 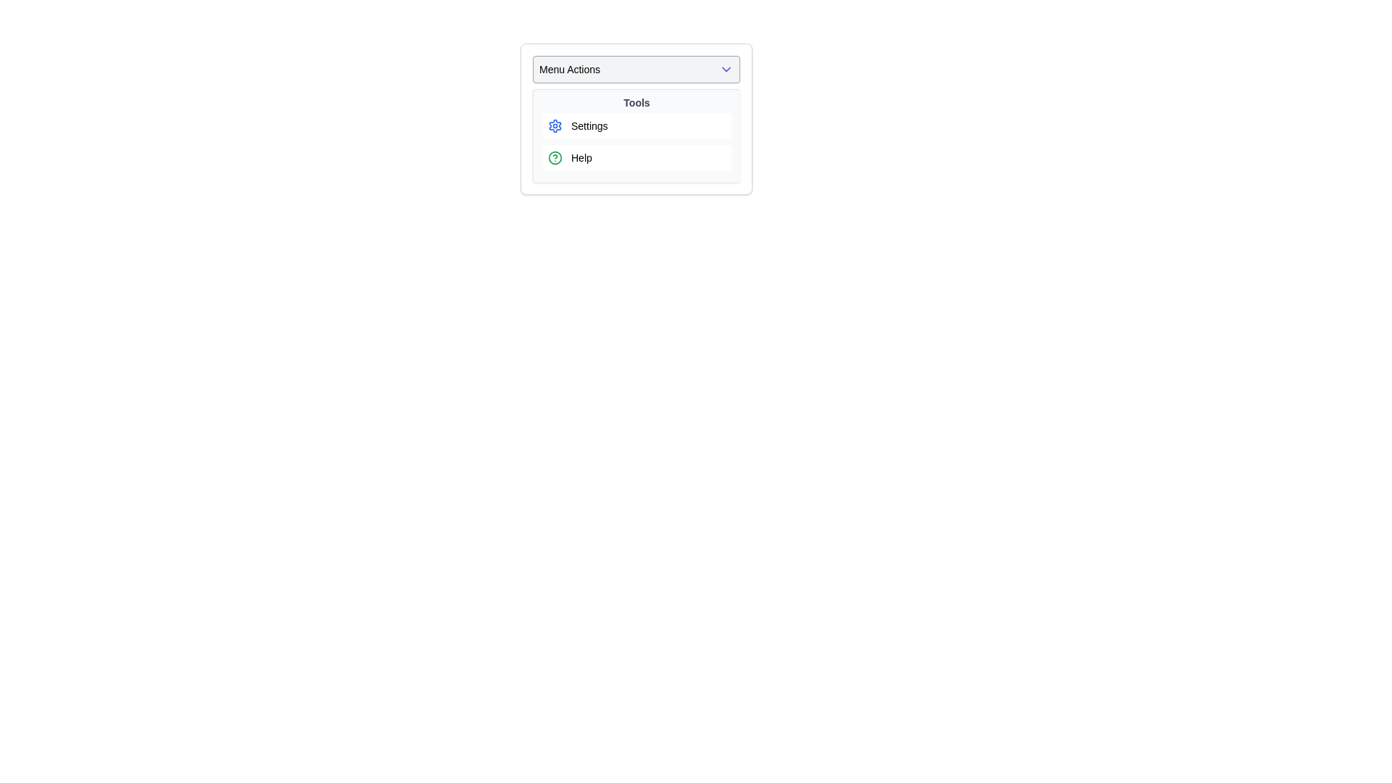 I want to click on the non-interactive text label at the top of the 'Menu Actions' drop-down menu, which serves as a header for the items below, so click(x=637, y=102).